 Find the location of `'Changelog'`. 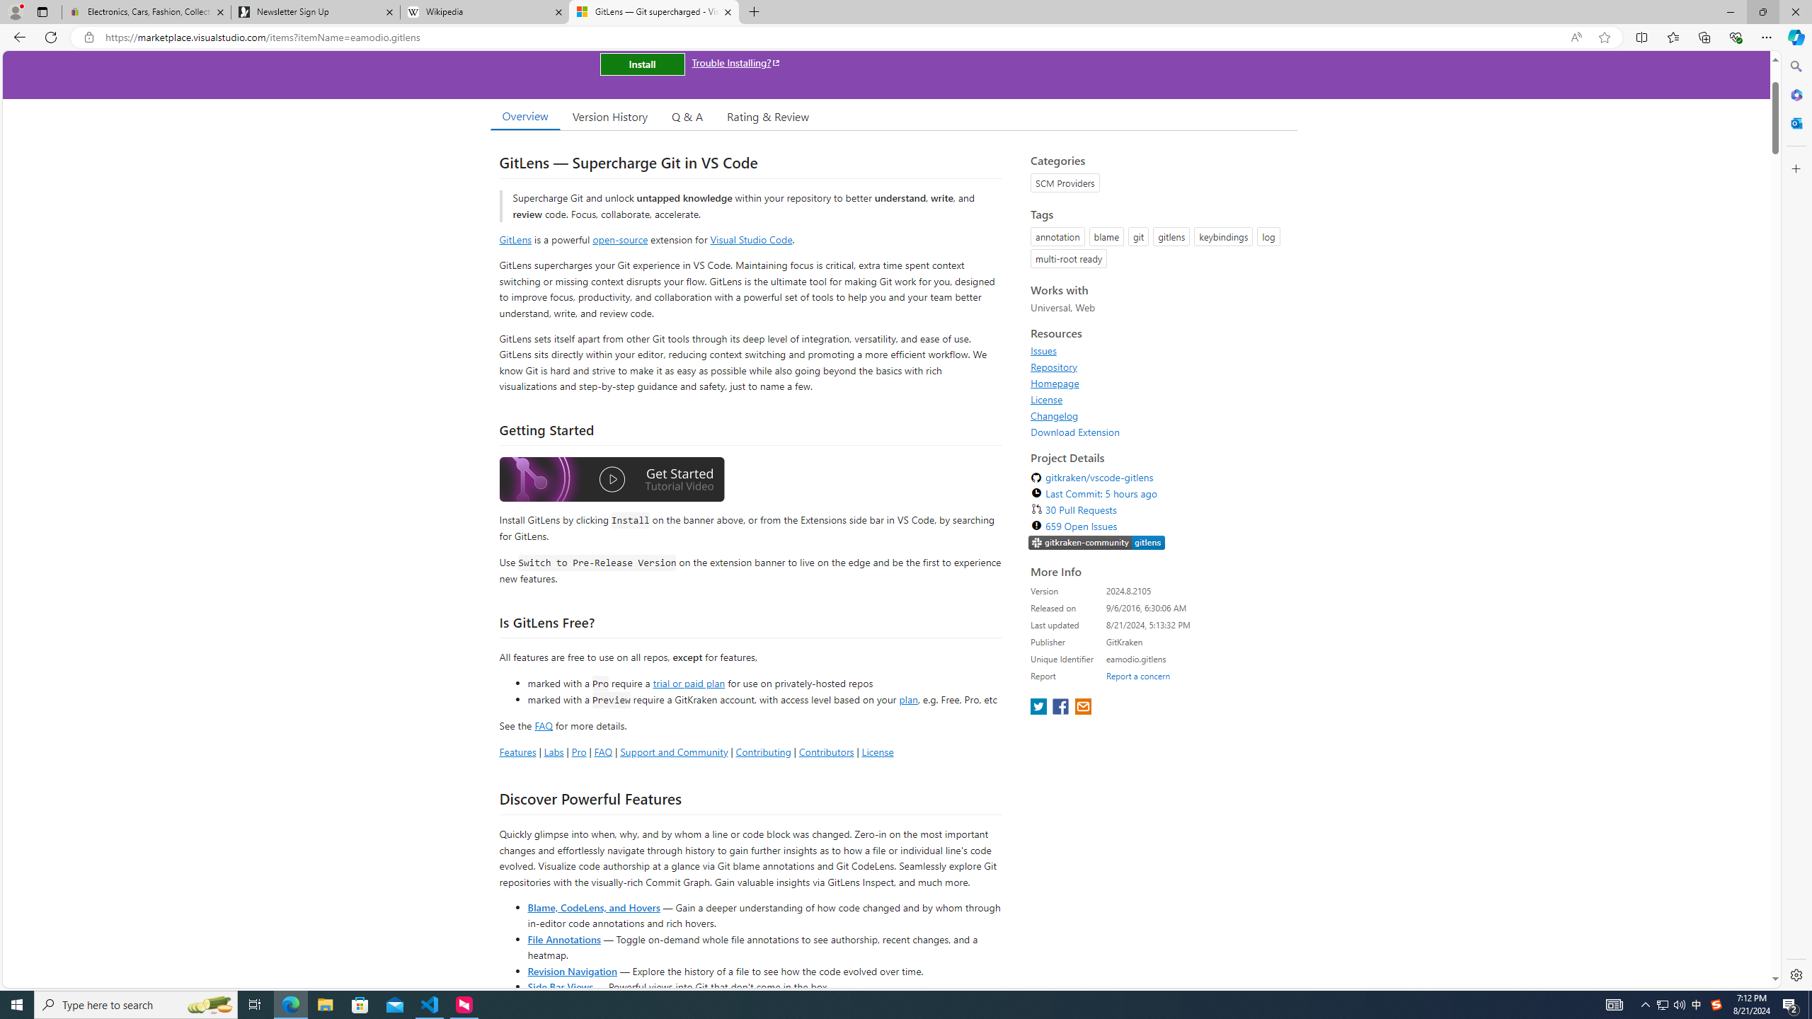

'Changelog' is located at coordinates (1159, 415).